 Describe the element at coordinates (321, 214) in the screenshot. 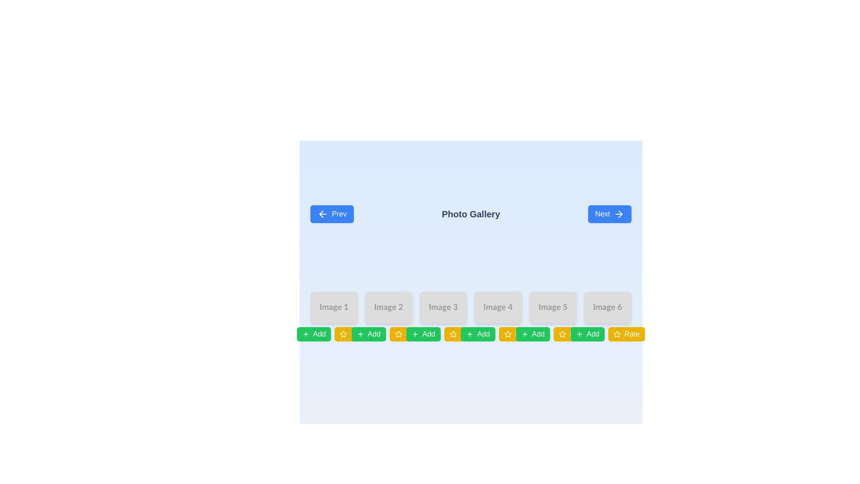

I see `the decorative arrow icon that indicates moving to the previous item or page, located within the 'Prev' button on the left side of the navigation bar` at that location.